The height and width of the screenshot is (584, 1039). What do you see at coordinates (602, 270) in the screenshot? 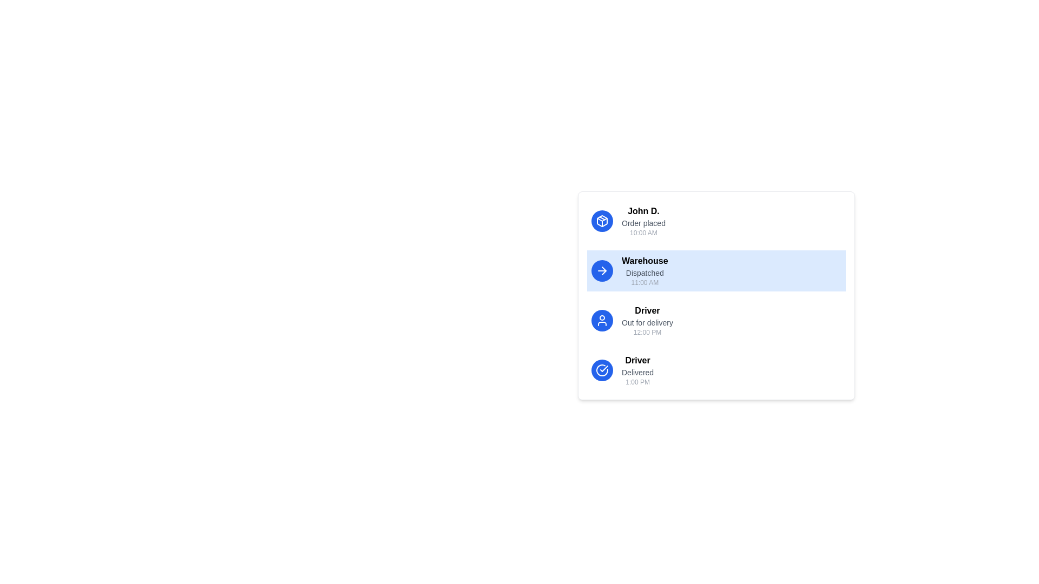
I see `the right-pointing arrow icon, which is styled with sharp geometric lines and is located on a blue circular button to the left of the 'Warehouse' text` at bounding box center [602, 270].